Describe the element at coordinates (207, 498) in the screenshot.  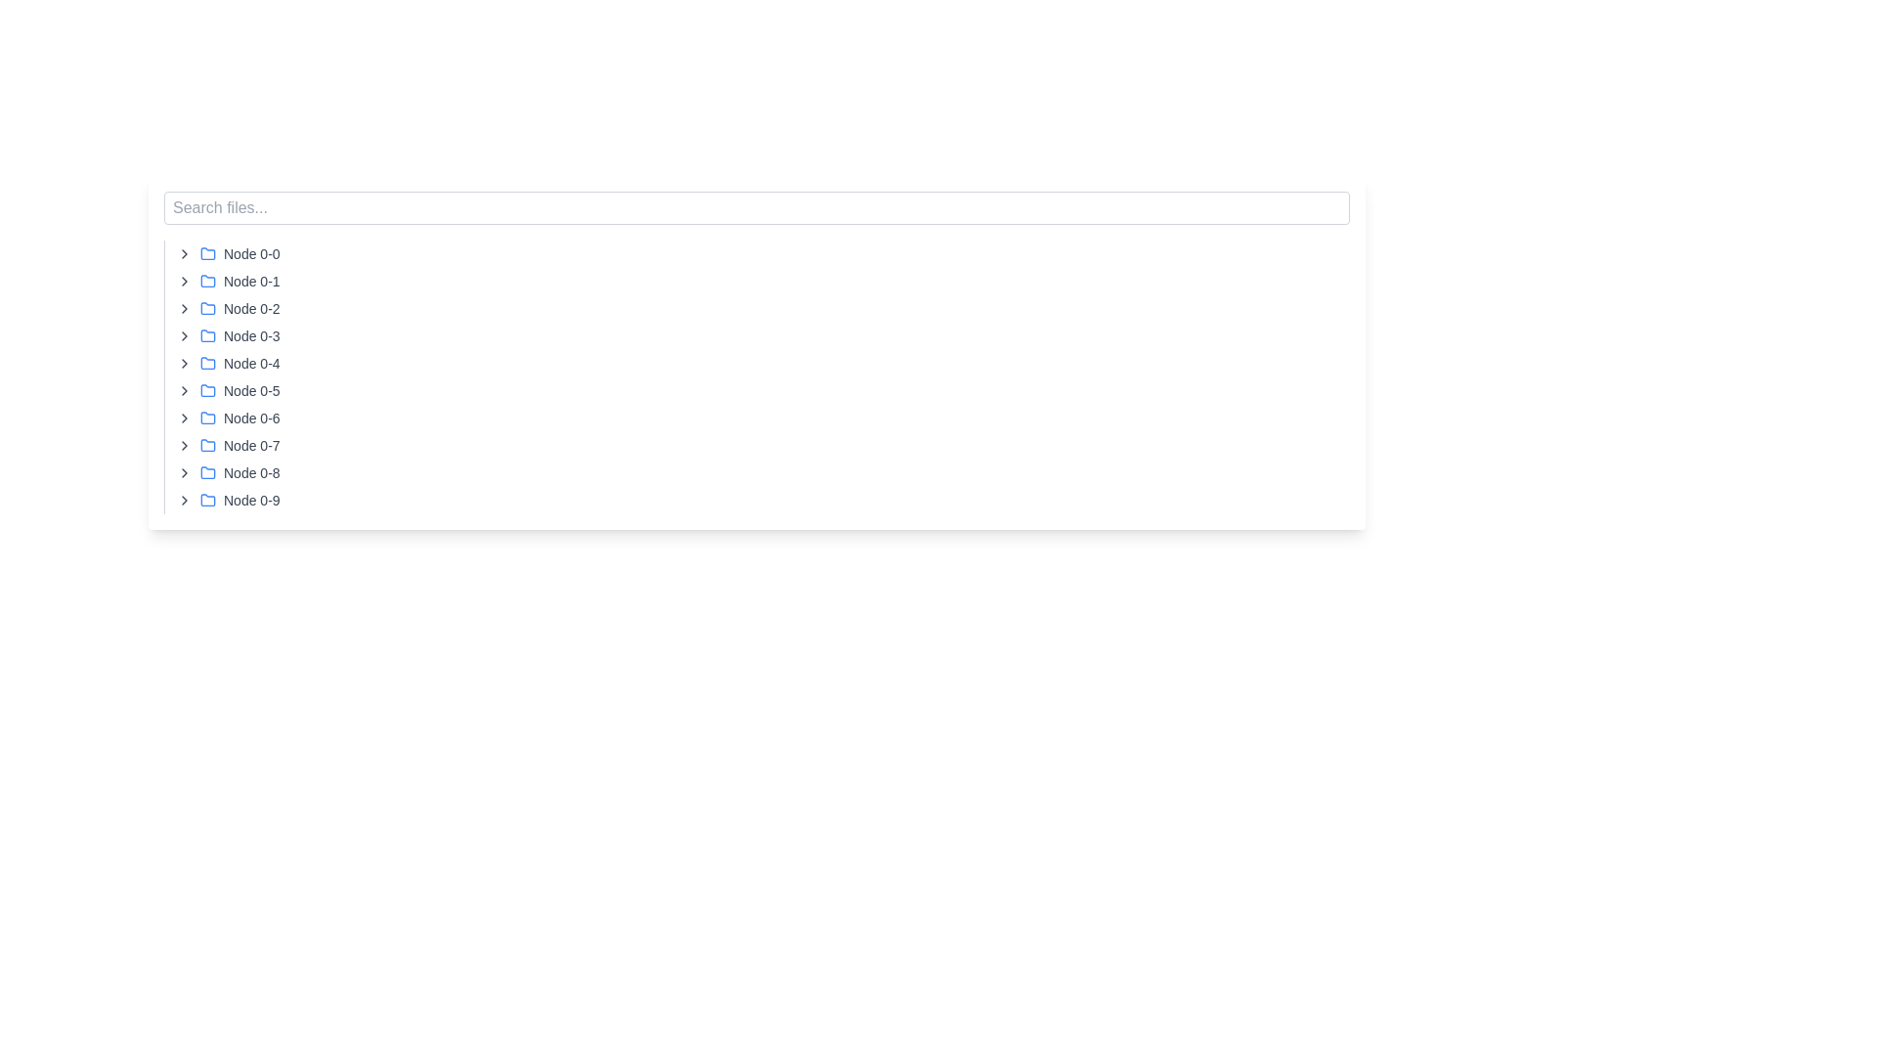
I see `the blue folder icon labeled 'Node 0-9' located at the bottom of the tree list` at that location.